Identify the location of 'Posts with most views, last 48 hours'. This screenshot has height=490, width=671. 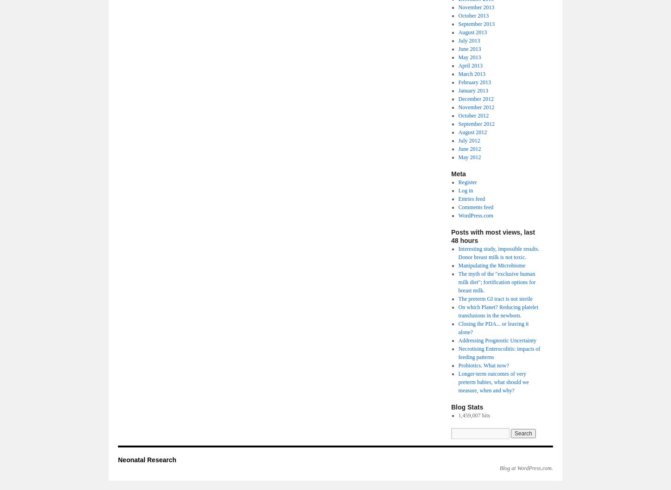
(493, 236).